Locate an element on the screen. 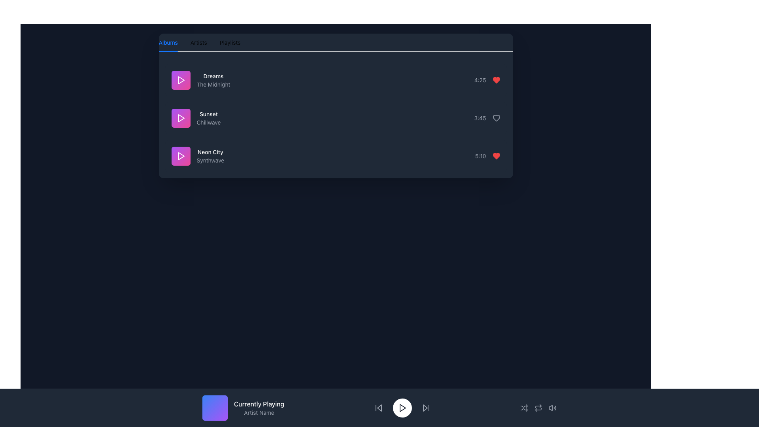  timestamp '3:45' displayed on the right side of the track listing 'Sunset Chillwave', which is positioned directly before a heart icon is located at coordinates (487, 118).